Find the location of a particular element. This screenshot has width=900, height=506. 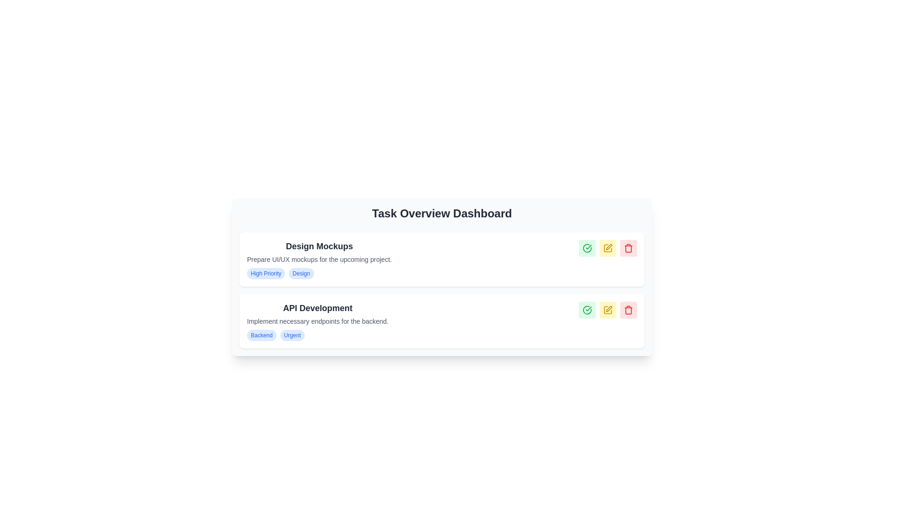

the first badge under the 'API Development' section, which categorizes or highlights the backend-related task is located at coordinates (262, 335).